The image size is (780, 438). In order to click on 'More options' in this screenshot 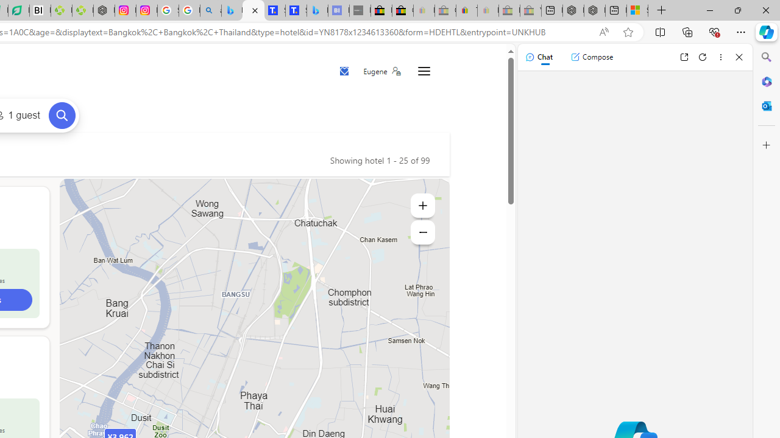, I will do `click(720, 57)`.